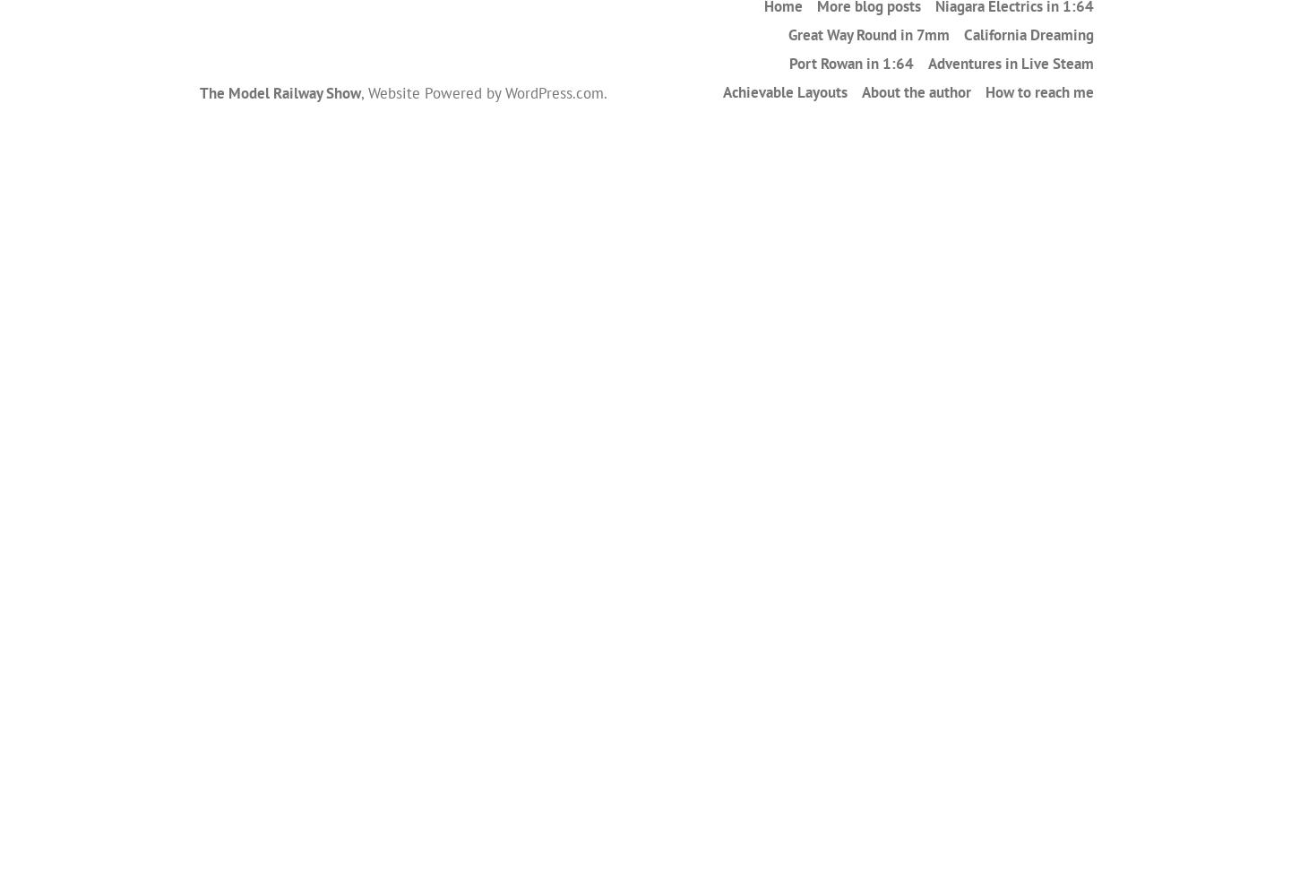 This screenshot has width=1300, height=896. I want to click on 'How to reach me', so click(1037, 90).